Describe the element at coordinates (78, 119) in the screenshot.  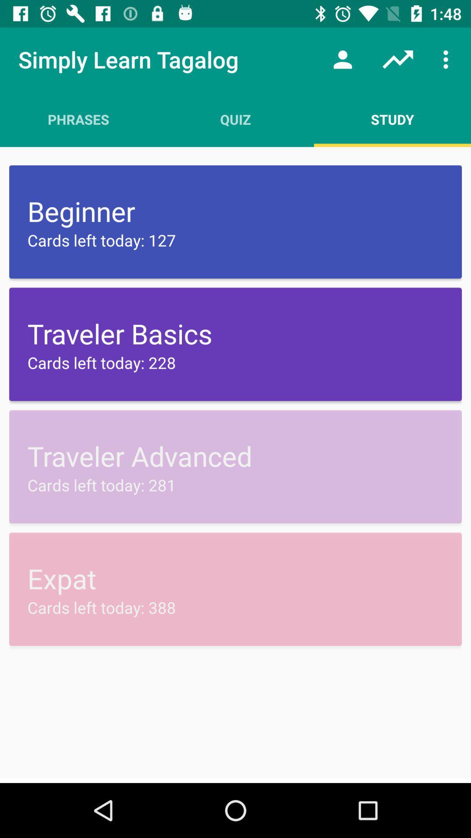
I see `icon above beginner` at that location.